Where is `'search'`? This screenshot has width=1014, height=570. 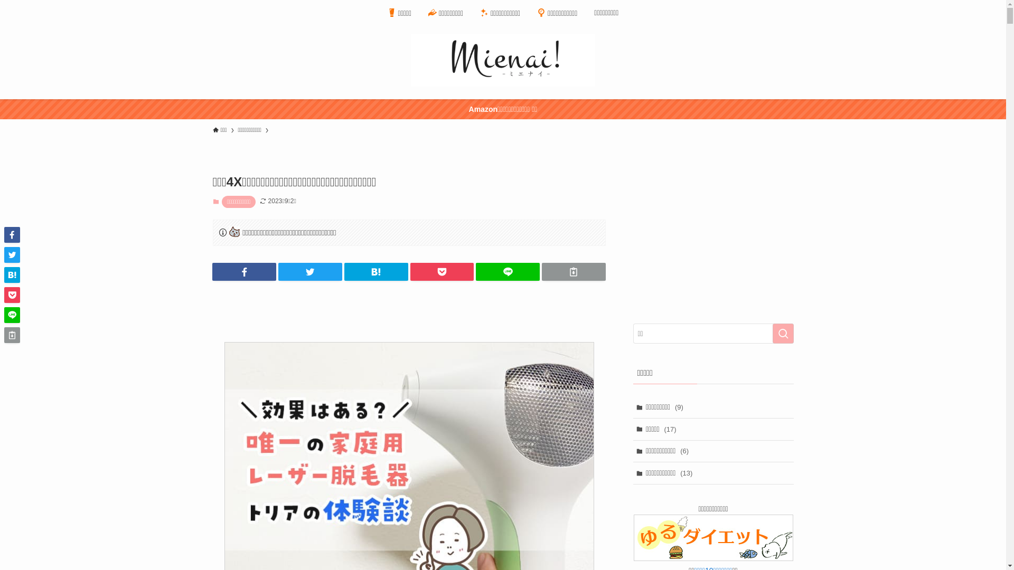
'search' is located at coordinates (641, 293).